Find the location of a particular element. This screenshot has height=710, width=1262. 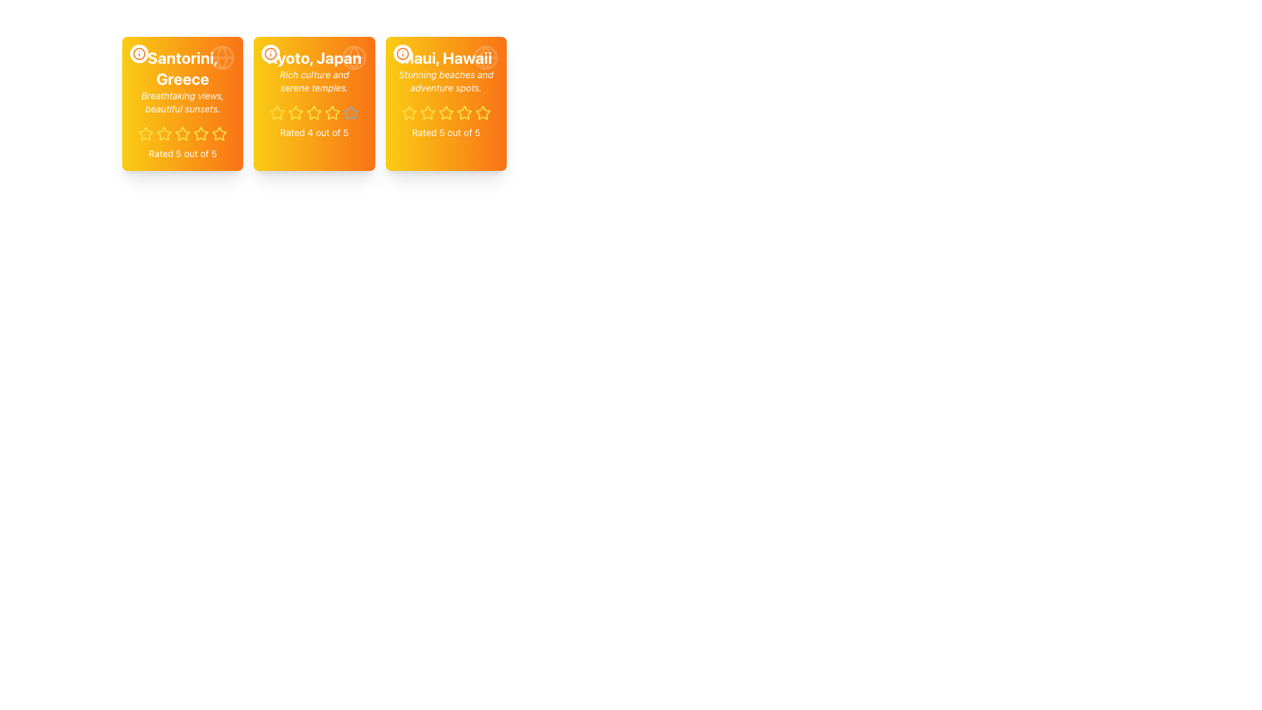

on the selected fifth star icon in the rating system within the 'Santorini, Greece' card is located at coordinates (220, 133).